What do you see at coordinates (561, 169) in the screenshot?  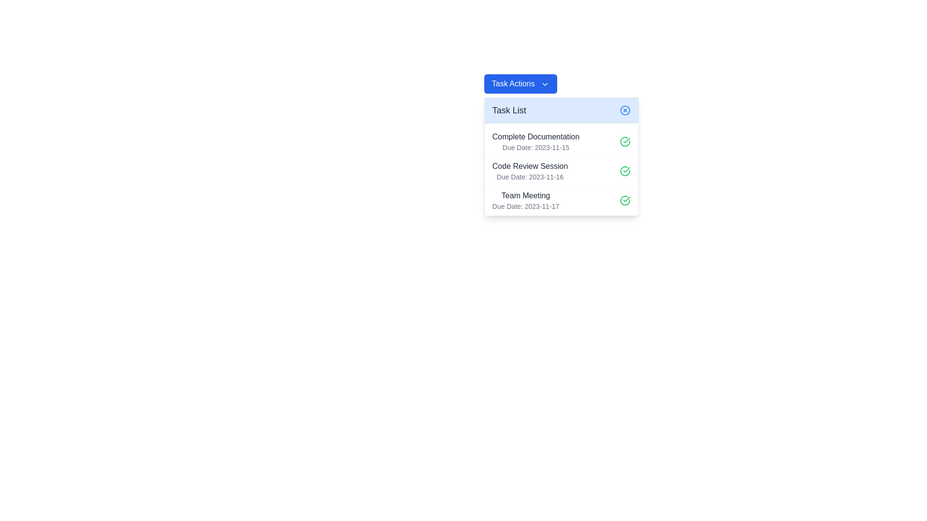 I see `the individual tasks in the Scrollable List Display located beneath the 'Task List' header in the 'Task Actions' dropdown menu` at bounding box center [561, 169].